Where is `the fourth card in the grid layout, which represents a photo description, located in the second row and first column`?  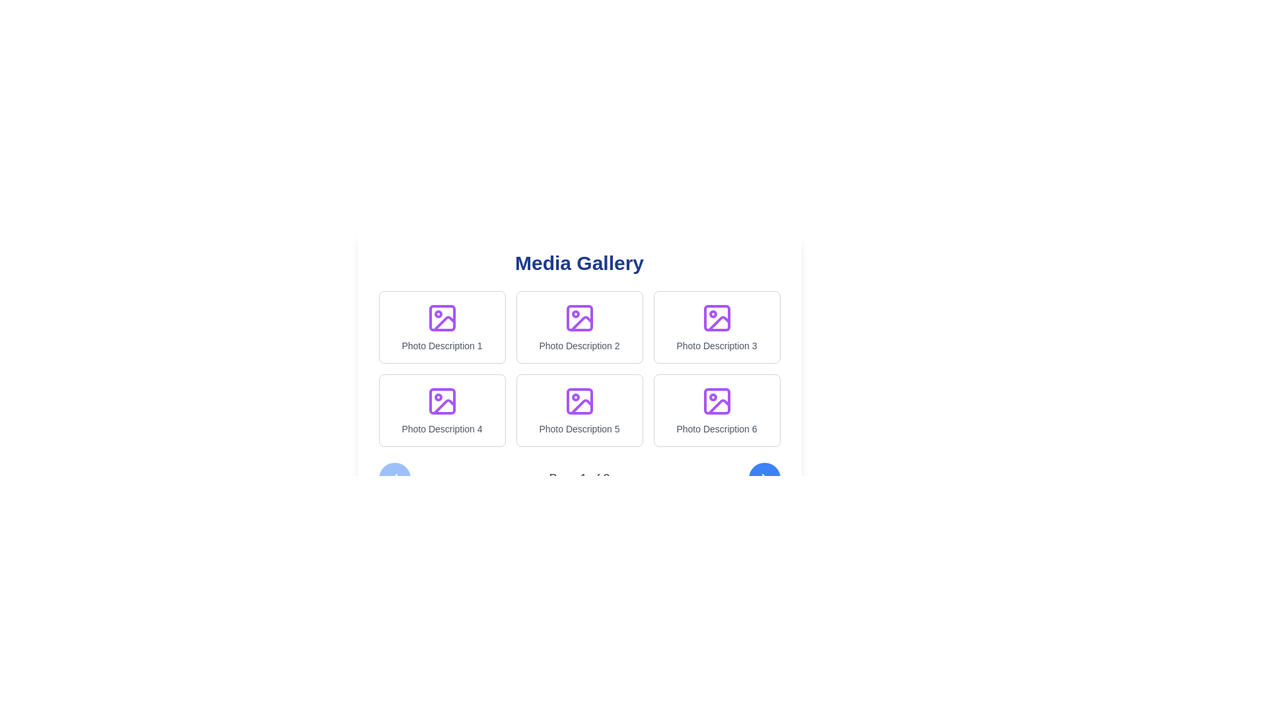 the fourth card in the grid layout, which represents a photo description, located in the second row and first column is located at coordinates (442, 409).